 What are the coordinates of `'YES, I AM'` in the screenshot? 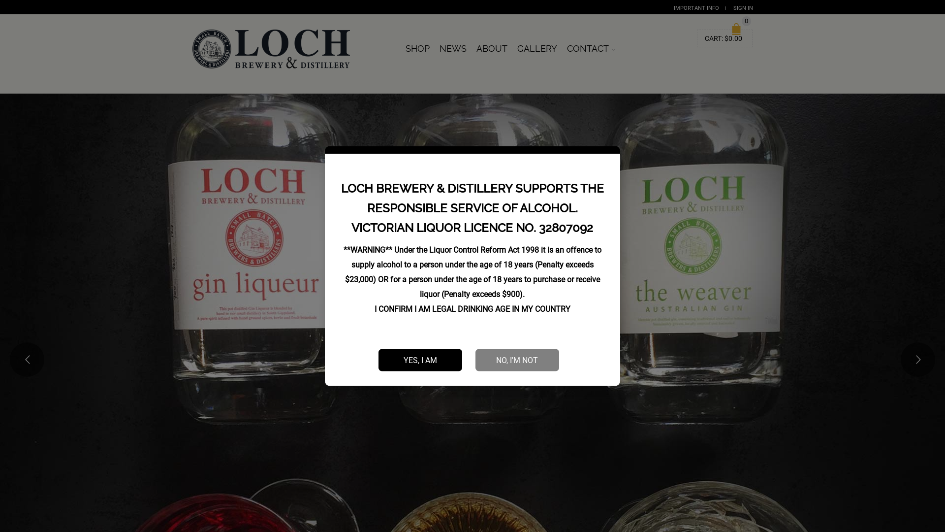 It's located at (420, 360).